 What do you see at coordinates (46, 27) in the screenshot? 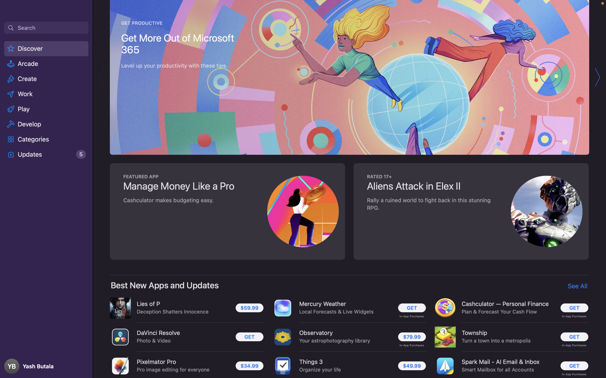
I see `Look for "photo editing" in the search field` at bounding box center [46, 27].